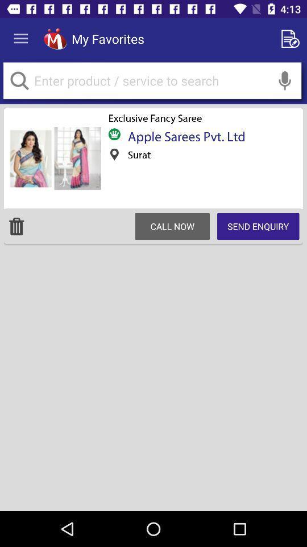  I want to click on click on the image, so click(53, 158).